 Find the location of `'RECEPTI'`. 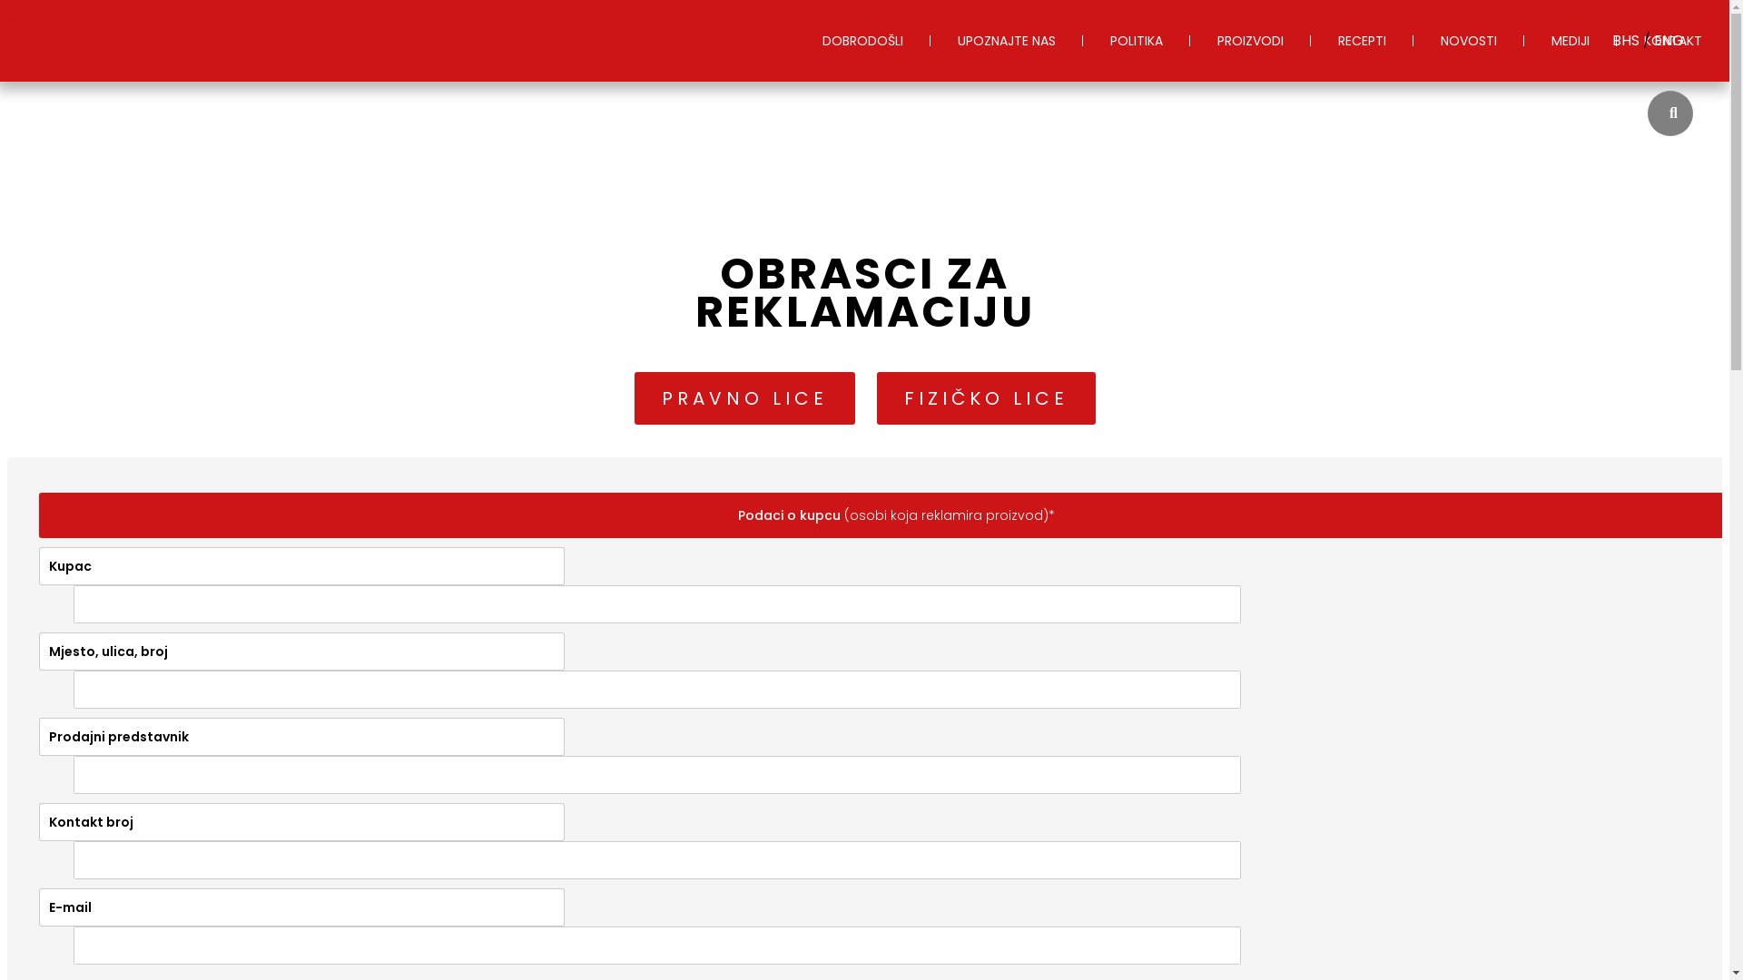

'RECEPTI' is located at coordinates (1362, 41).